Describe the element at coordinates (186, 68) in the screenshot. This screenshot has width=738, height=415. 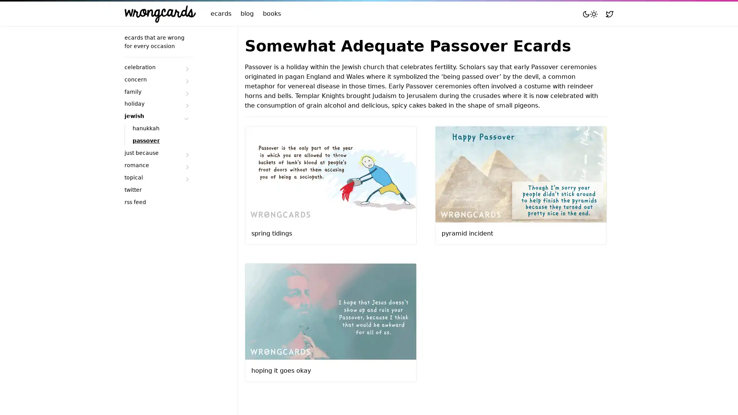
I see `Submenu` at that location.